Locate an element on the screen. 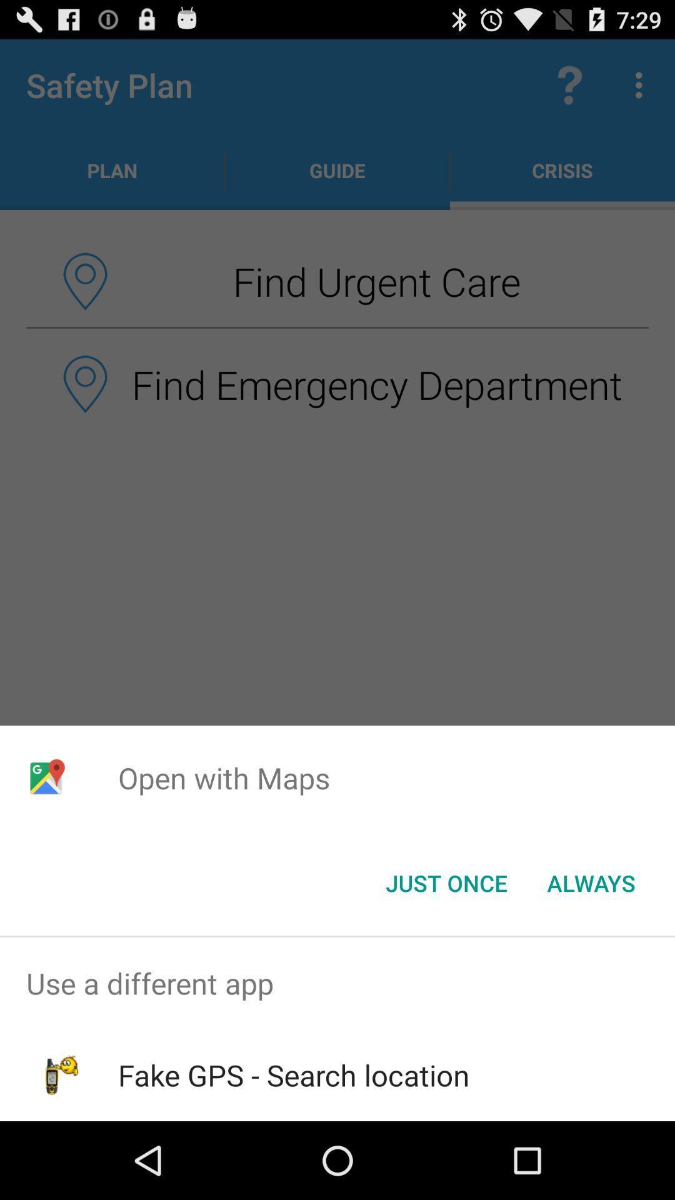  icon above fake gps search icon is located at coordinates (337, 982).